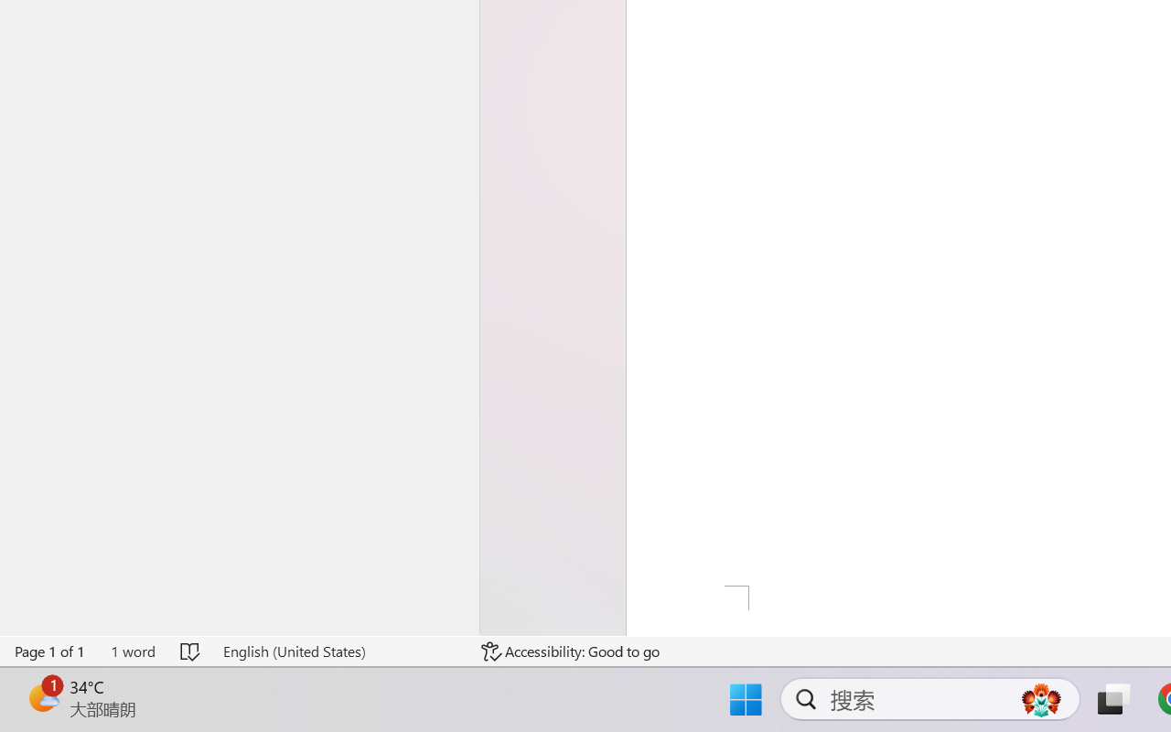 The width and height of the screenshot is (1171, 732). Describe the element at coordinates (1041, 699) in the screenshot. I see `'AutomationID: DynamicSearchBoxGleamImage'` at that location.